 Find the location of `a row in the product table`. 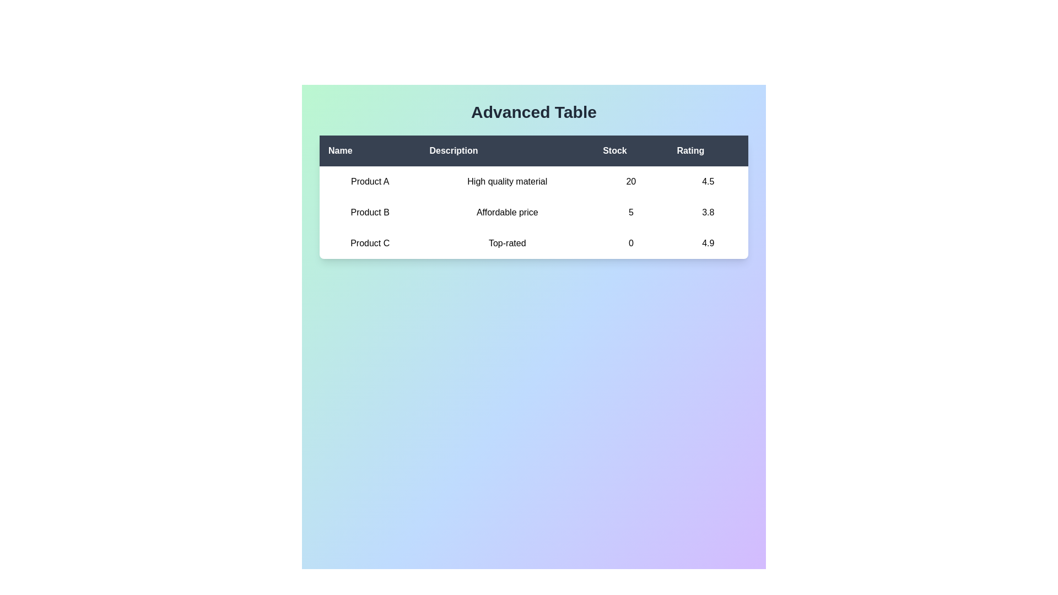

a row in the product table is located at coordinates (534, 197).